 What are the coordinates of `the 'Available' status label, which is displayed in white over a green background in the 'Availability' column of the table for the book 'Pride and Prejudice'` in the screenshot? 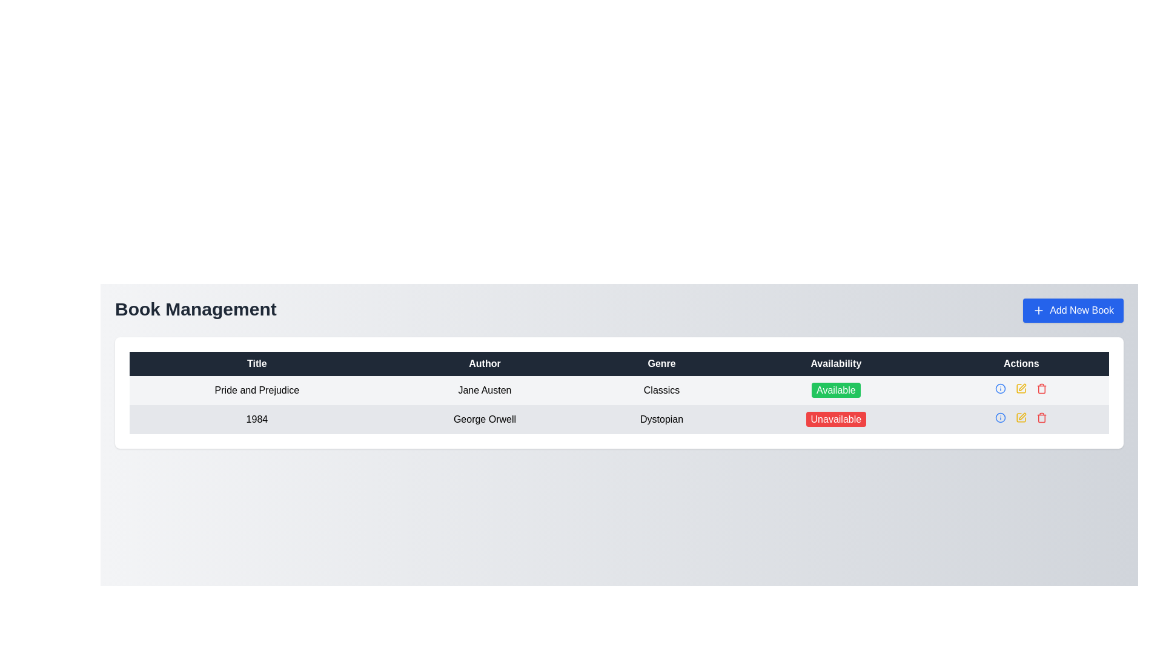 It's located at (835, 390).